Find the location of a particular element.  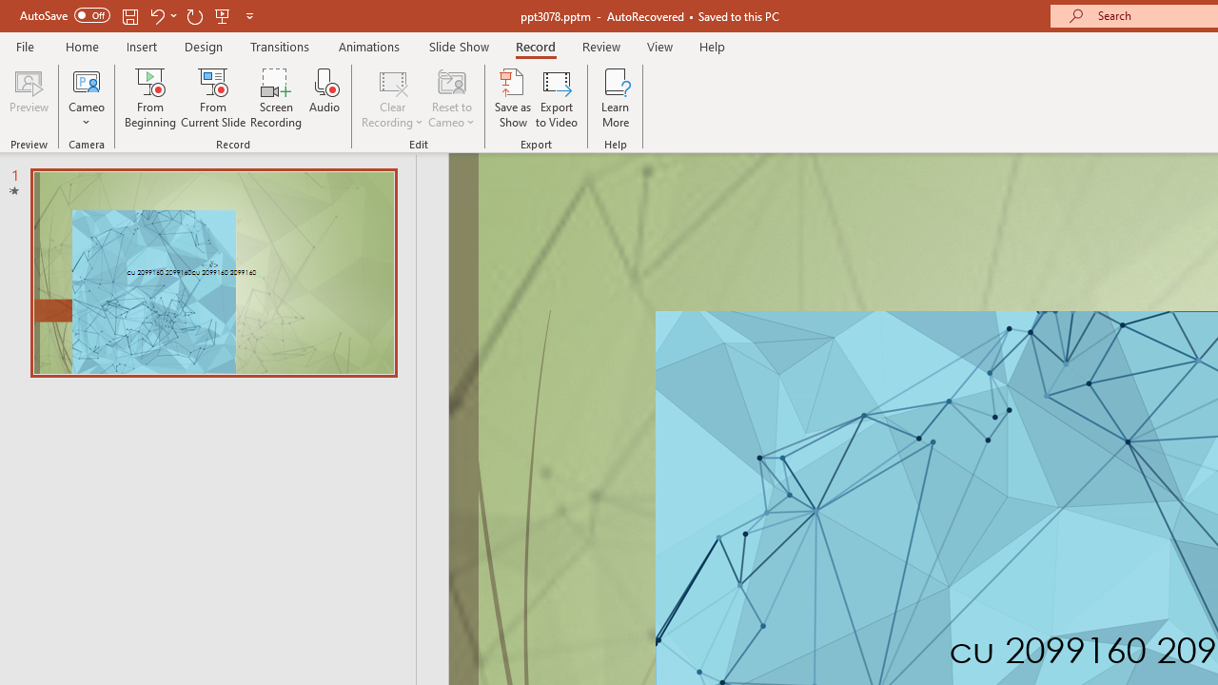

'Reset to Cameo' is located at coordinates (450, 98).